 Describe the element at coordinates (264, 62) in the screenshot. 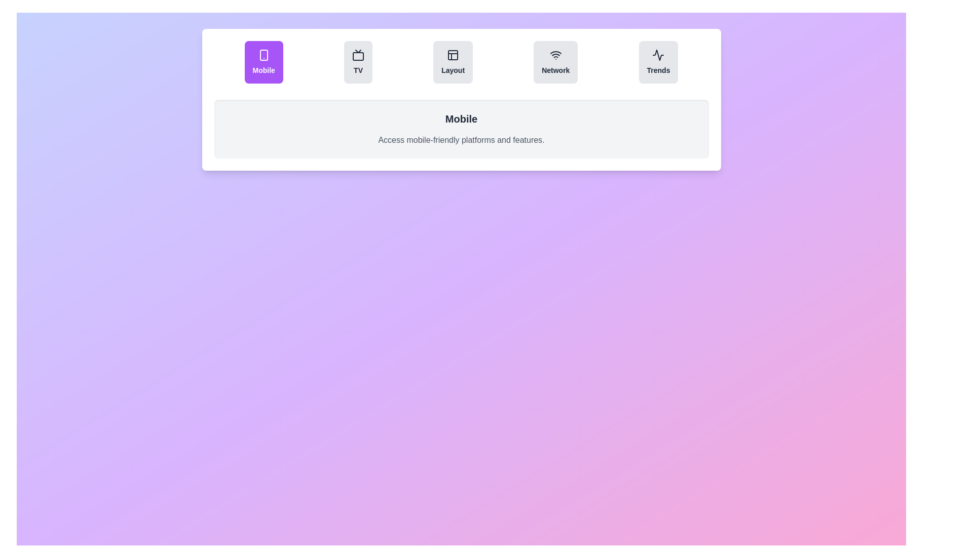

I see `the styled rectangular button with a purple background and white text 'Mobile'` at that location.